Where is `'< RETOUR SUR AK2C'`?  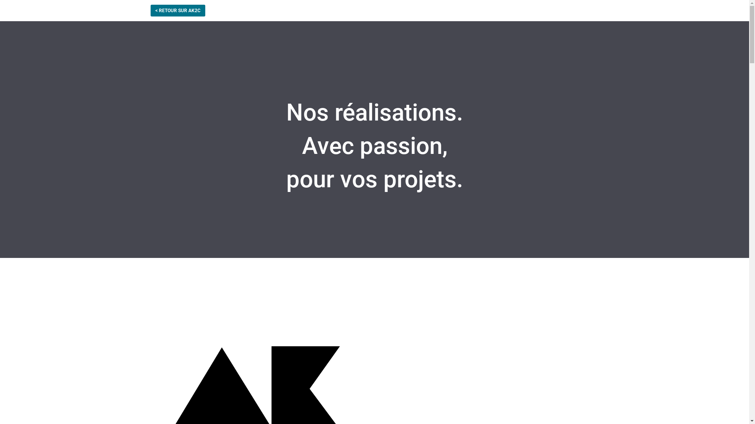
'< RETOUR SUR AK2C' is located at coordinates (150, 11).